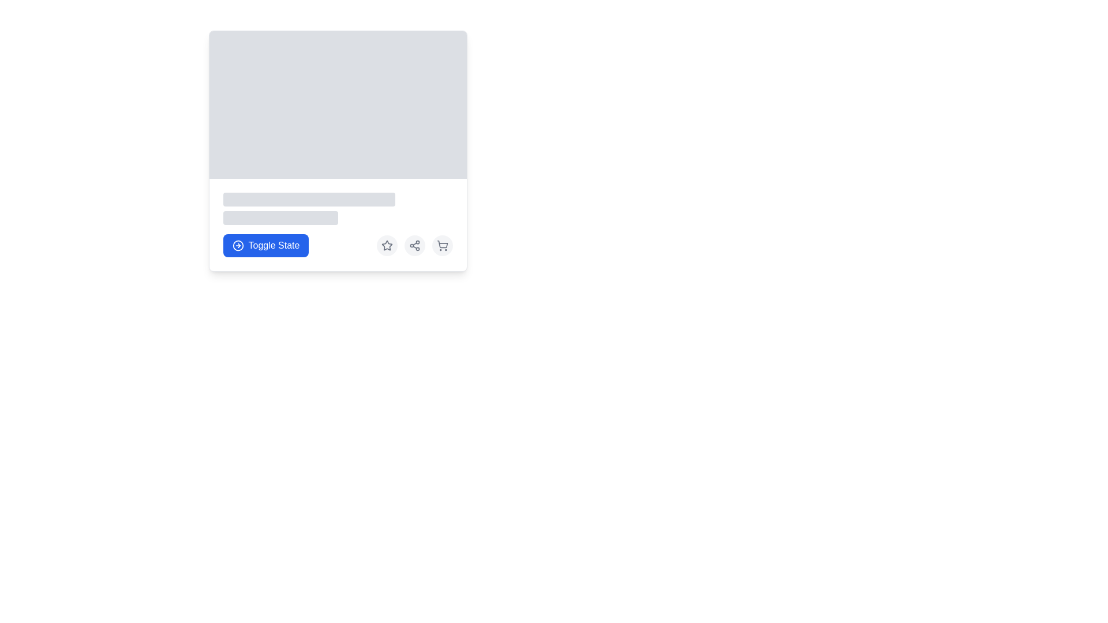 Image resolution: width=1108 pixels, height=623 pixels. What do you see at coordinates (441, 245) in the screenshot?
I see `the small shopping cart icon located at the lower right corner of the card, which is positioned among a horizontal arrangement of icons` at bounding box center [441, 245].